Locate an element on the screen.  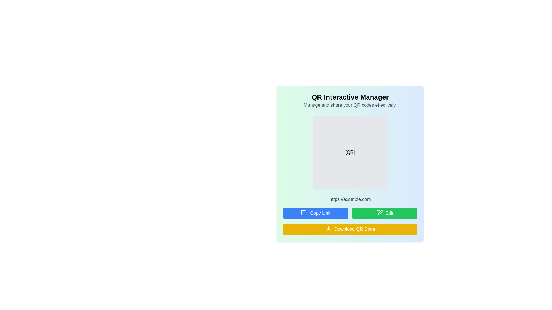
the button located at the bottom row of a three-button layout is located at coordinates (350, 229).